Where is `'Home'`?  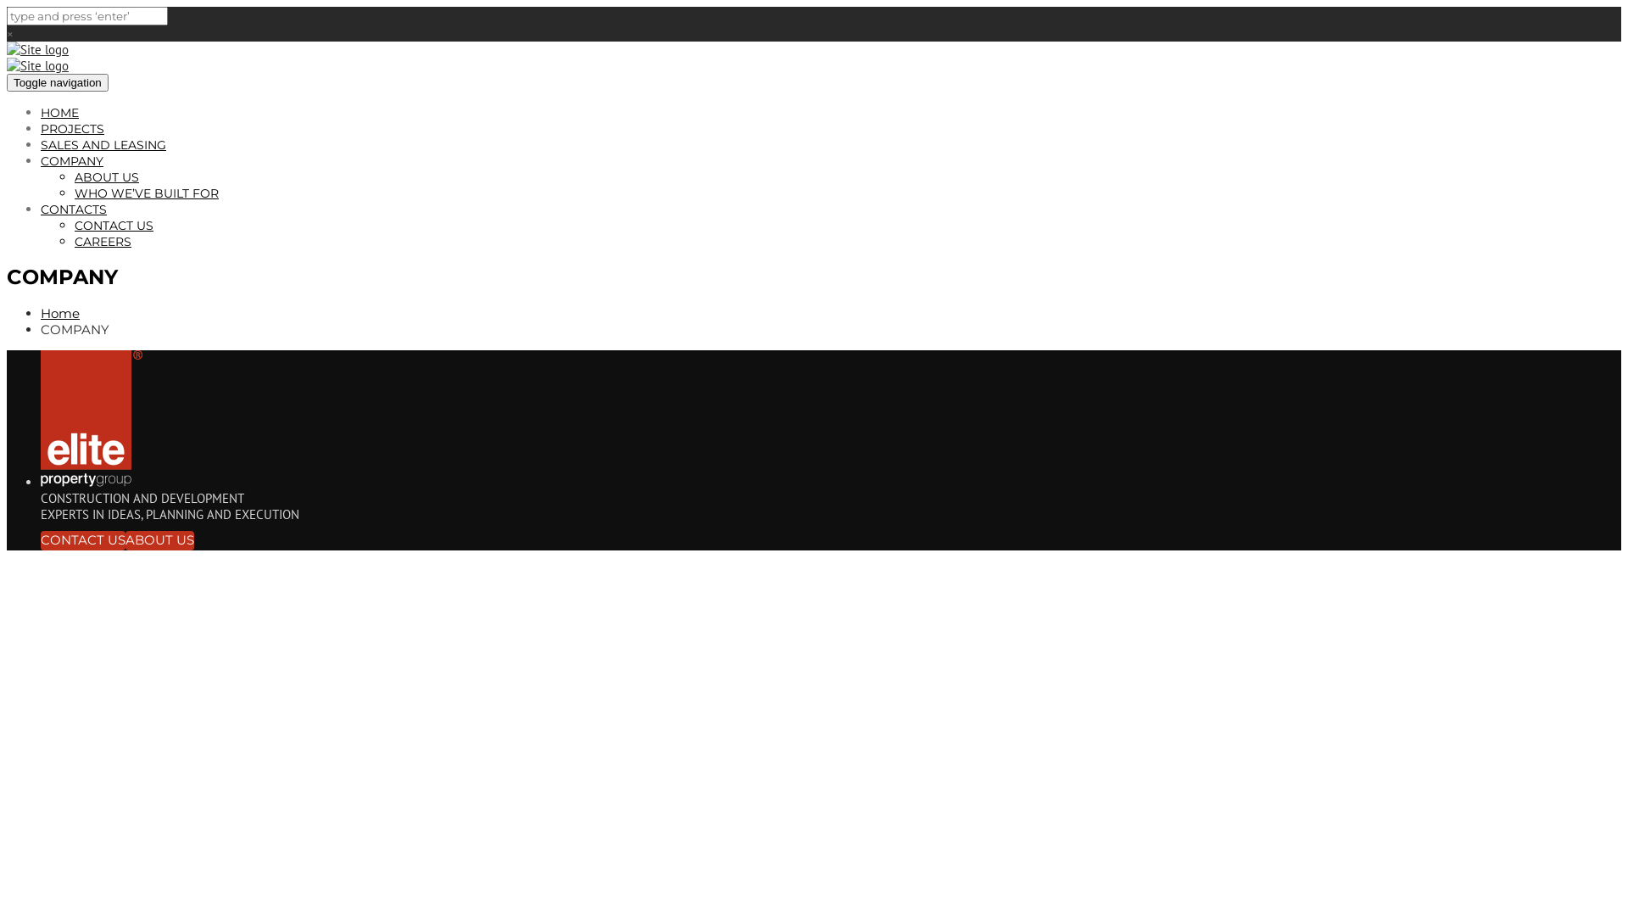
'Home' is located at coordinates (60, 313).